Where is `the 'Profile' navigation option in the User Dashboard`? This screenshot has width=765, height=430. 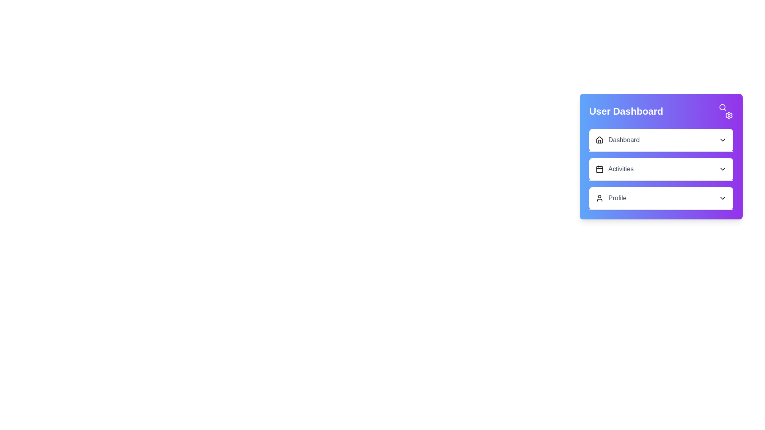
the 'Profile' navigation option in the User Dashboard is located at coordinates (610, 197).